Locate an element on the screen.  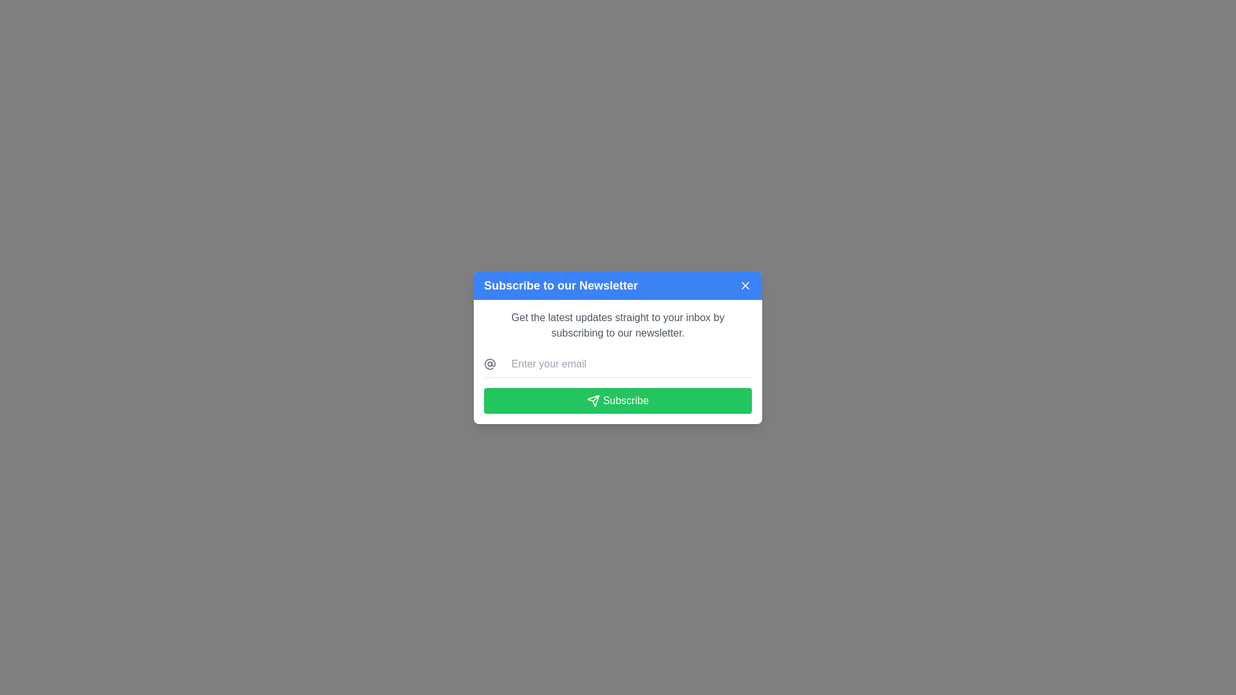
the close button represented by an 'X' icon in the top-right corner of the blue header that reads 'Subscribe to our Newsletter' is located at coordinates (745, 284).